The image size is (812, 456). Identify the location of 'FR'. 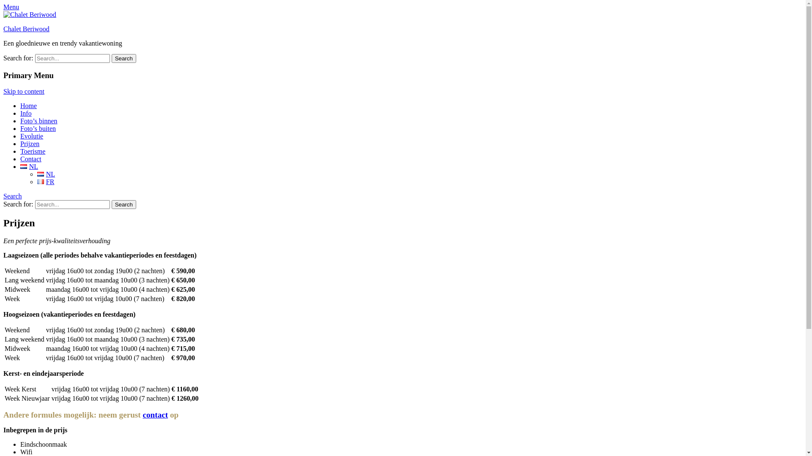
(40, 181).